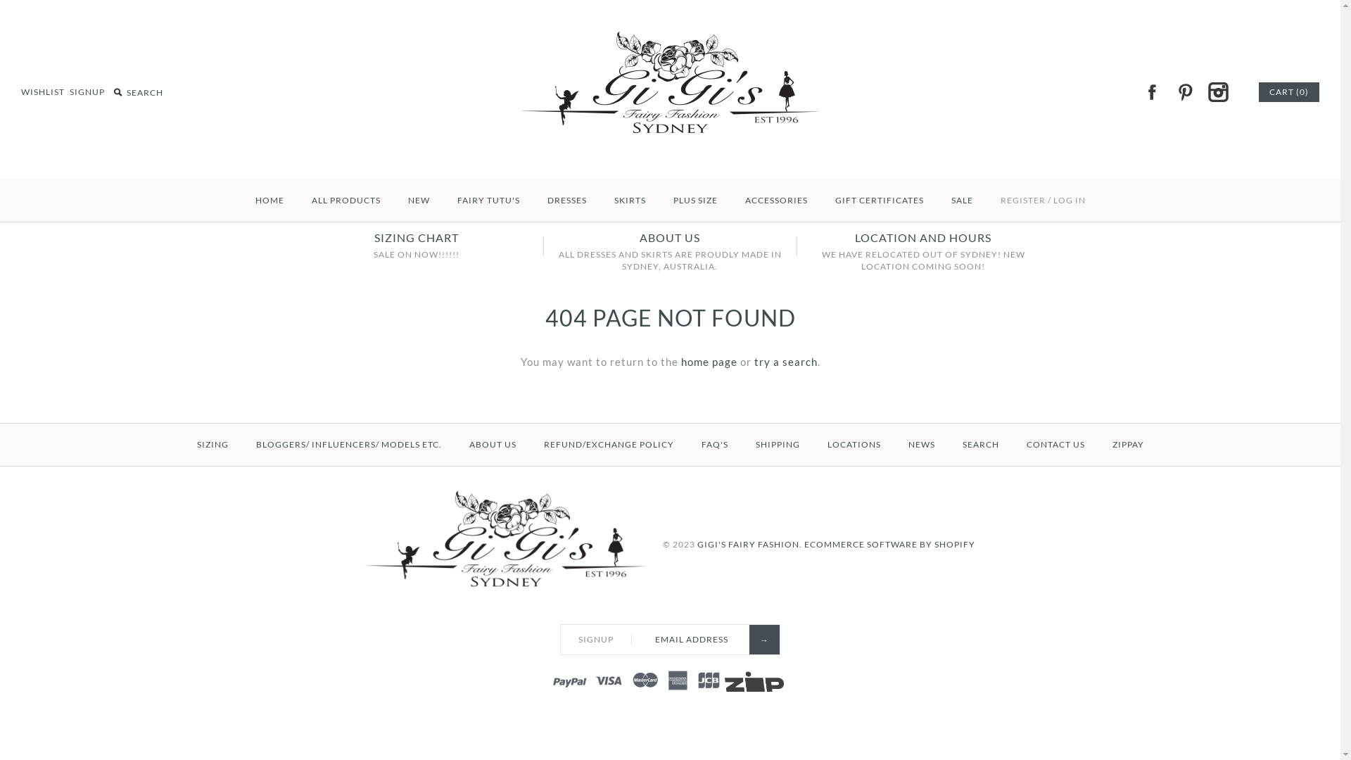  I want to click on 'FAQ'S', so click(688, 445).